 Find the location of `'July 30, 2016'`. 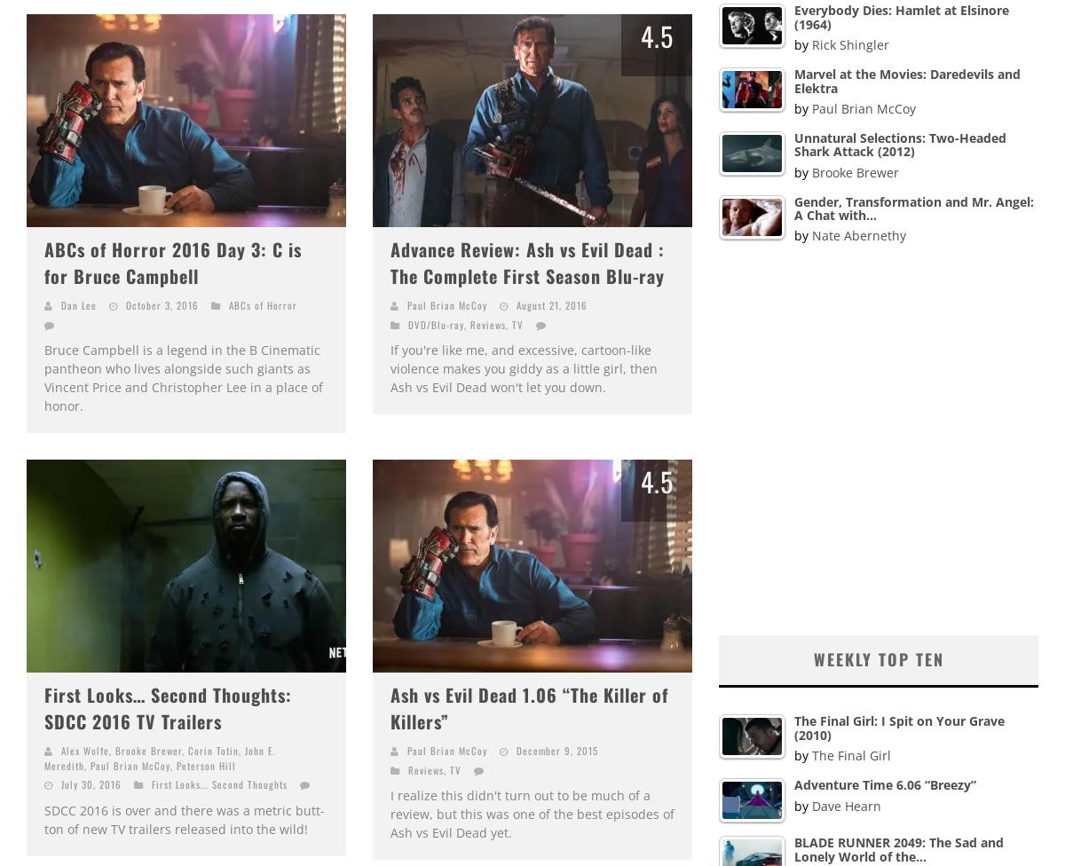

'July 30, 2016' is located at coordinates (91, 783).